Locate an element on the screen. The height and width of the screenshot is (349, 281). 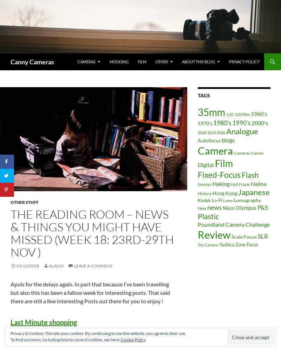
'To find out more, including how to control cookies, see here:' is located at coordinates (65, 340).